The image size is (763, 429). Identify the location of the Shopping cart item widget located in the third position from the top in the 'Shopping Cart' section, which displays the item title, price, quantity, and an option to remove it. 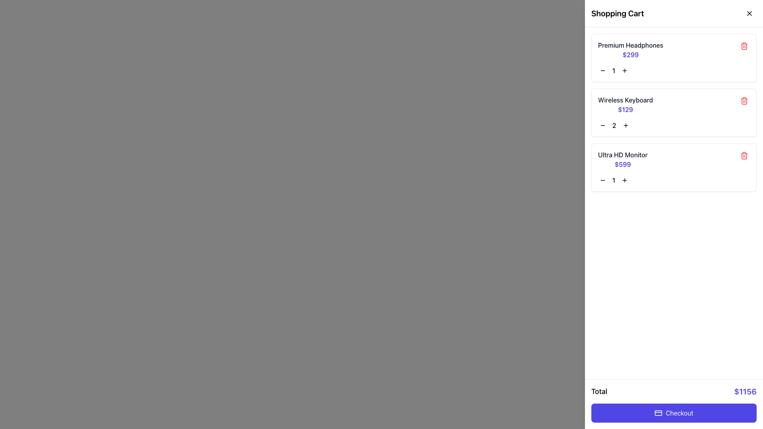
(673, 167).